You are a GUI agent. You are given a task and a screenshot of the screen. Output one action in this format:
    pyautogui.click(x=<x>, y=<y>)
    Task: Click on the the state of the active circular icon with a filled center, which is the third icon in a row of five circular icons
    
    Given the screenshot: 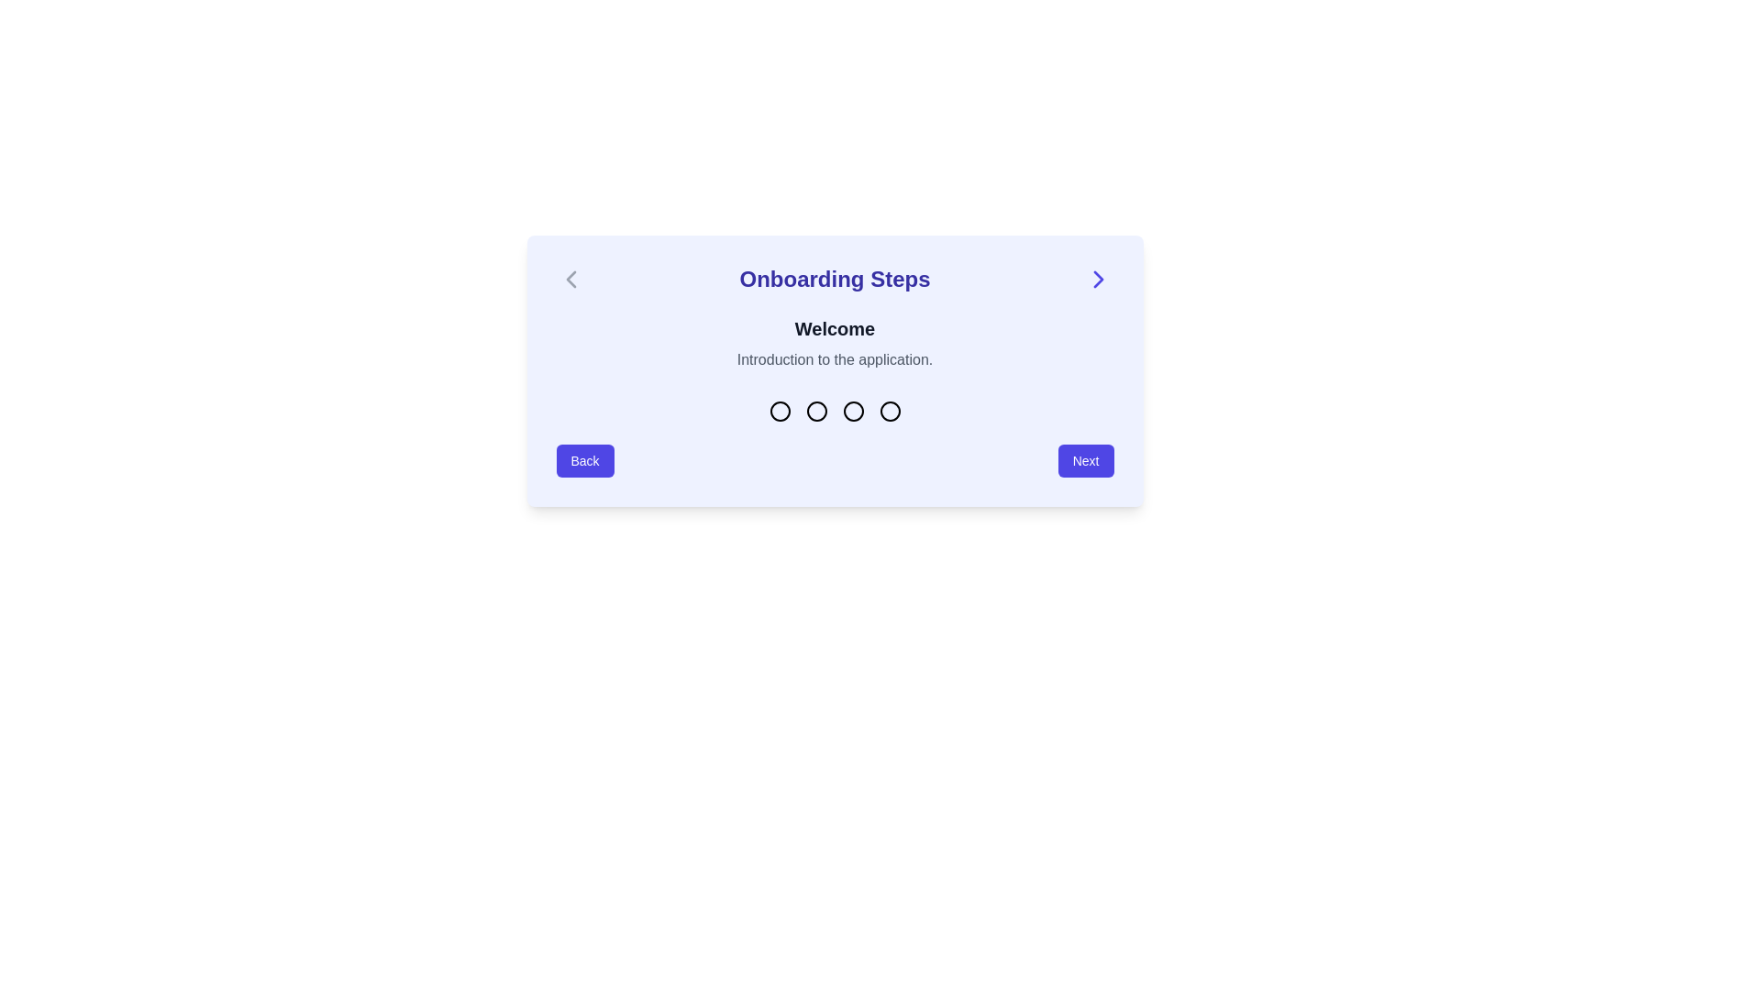 What is the action you would take?
    pyautogui.click(x=815, y=410)
    